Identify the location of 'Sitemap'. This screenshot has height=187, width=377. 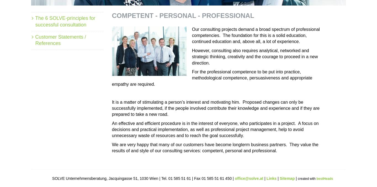
(287, 178).